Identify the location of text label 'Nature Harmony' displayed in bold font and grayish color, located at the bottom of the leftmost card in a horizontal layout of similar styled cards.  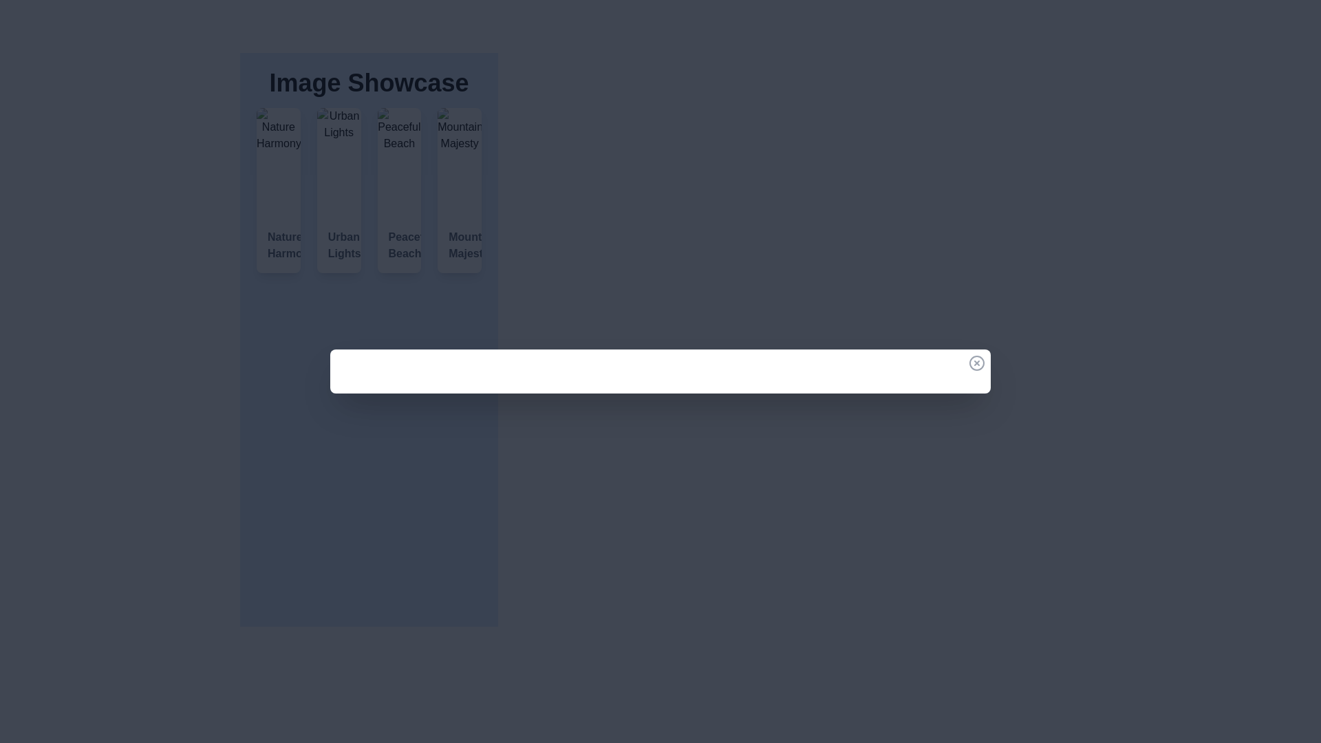
(277, 245).